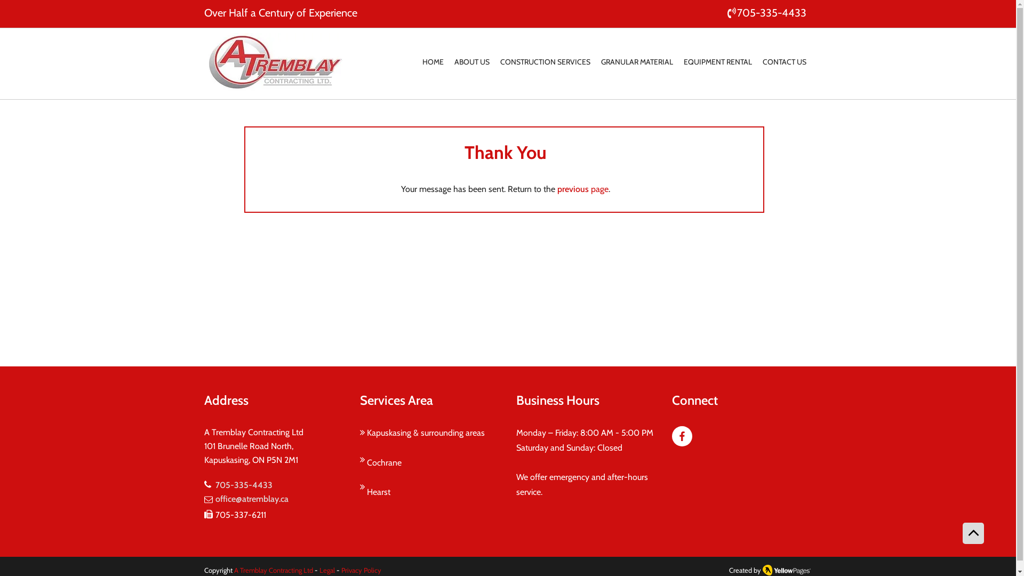 The image size is (1024, 576). I want to click on 'GRANULAR MATERIAL', so click(636, 62).